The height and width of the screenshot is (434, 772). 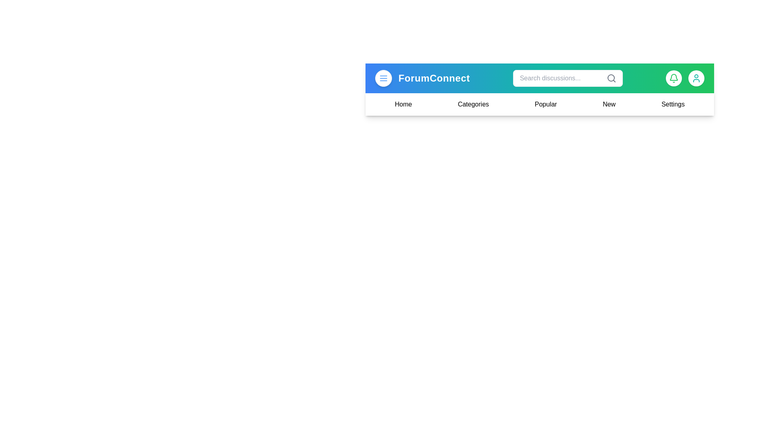 I want to click on the navigation option Categories from the menu, so click(x=473, y=104).